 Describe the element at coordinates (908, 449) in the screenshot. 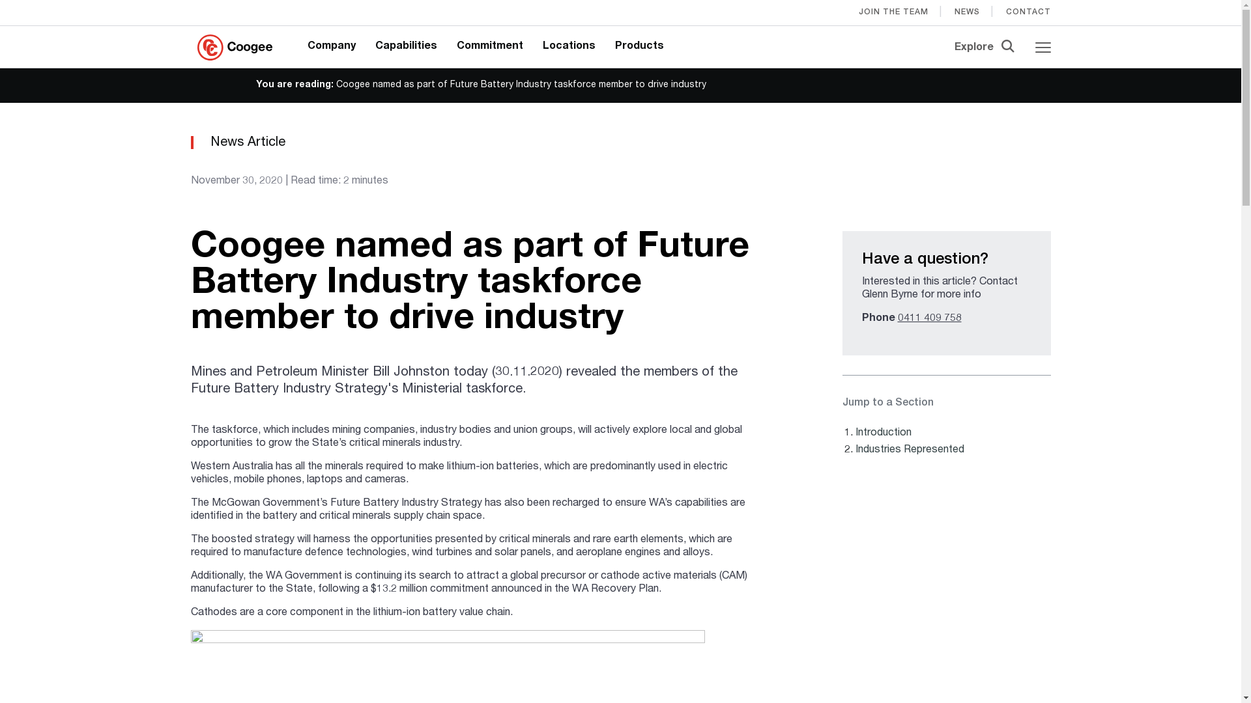

I see `'Industries Represented'` at that location.